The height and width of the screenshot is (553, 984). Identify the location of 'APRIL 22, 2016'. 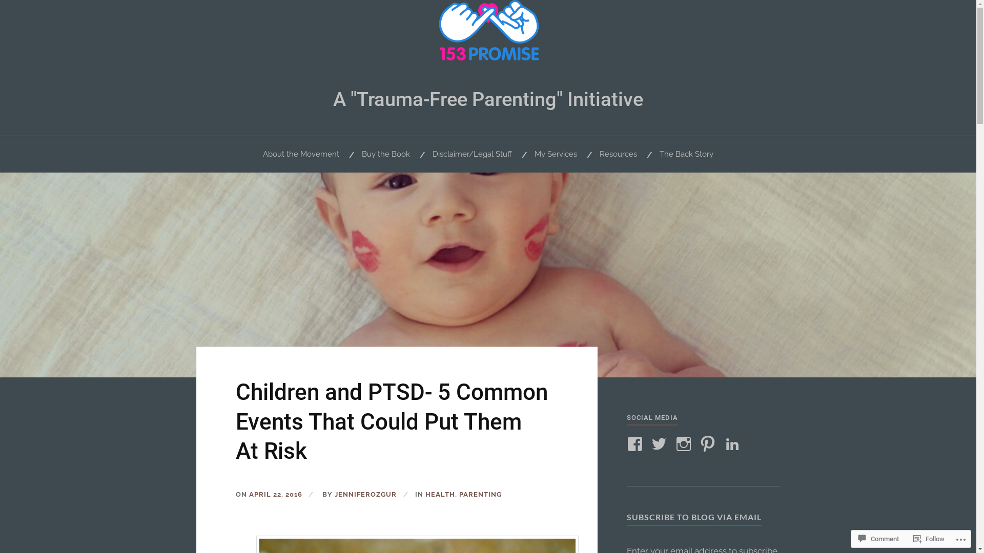
(275, 494).